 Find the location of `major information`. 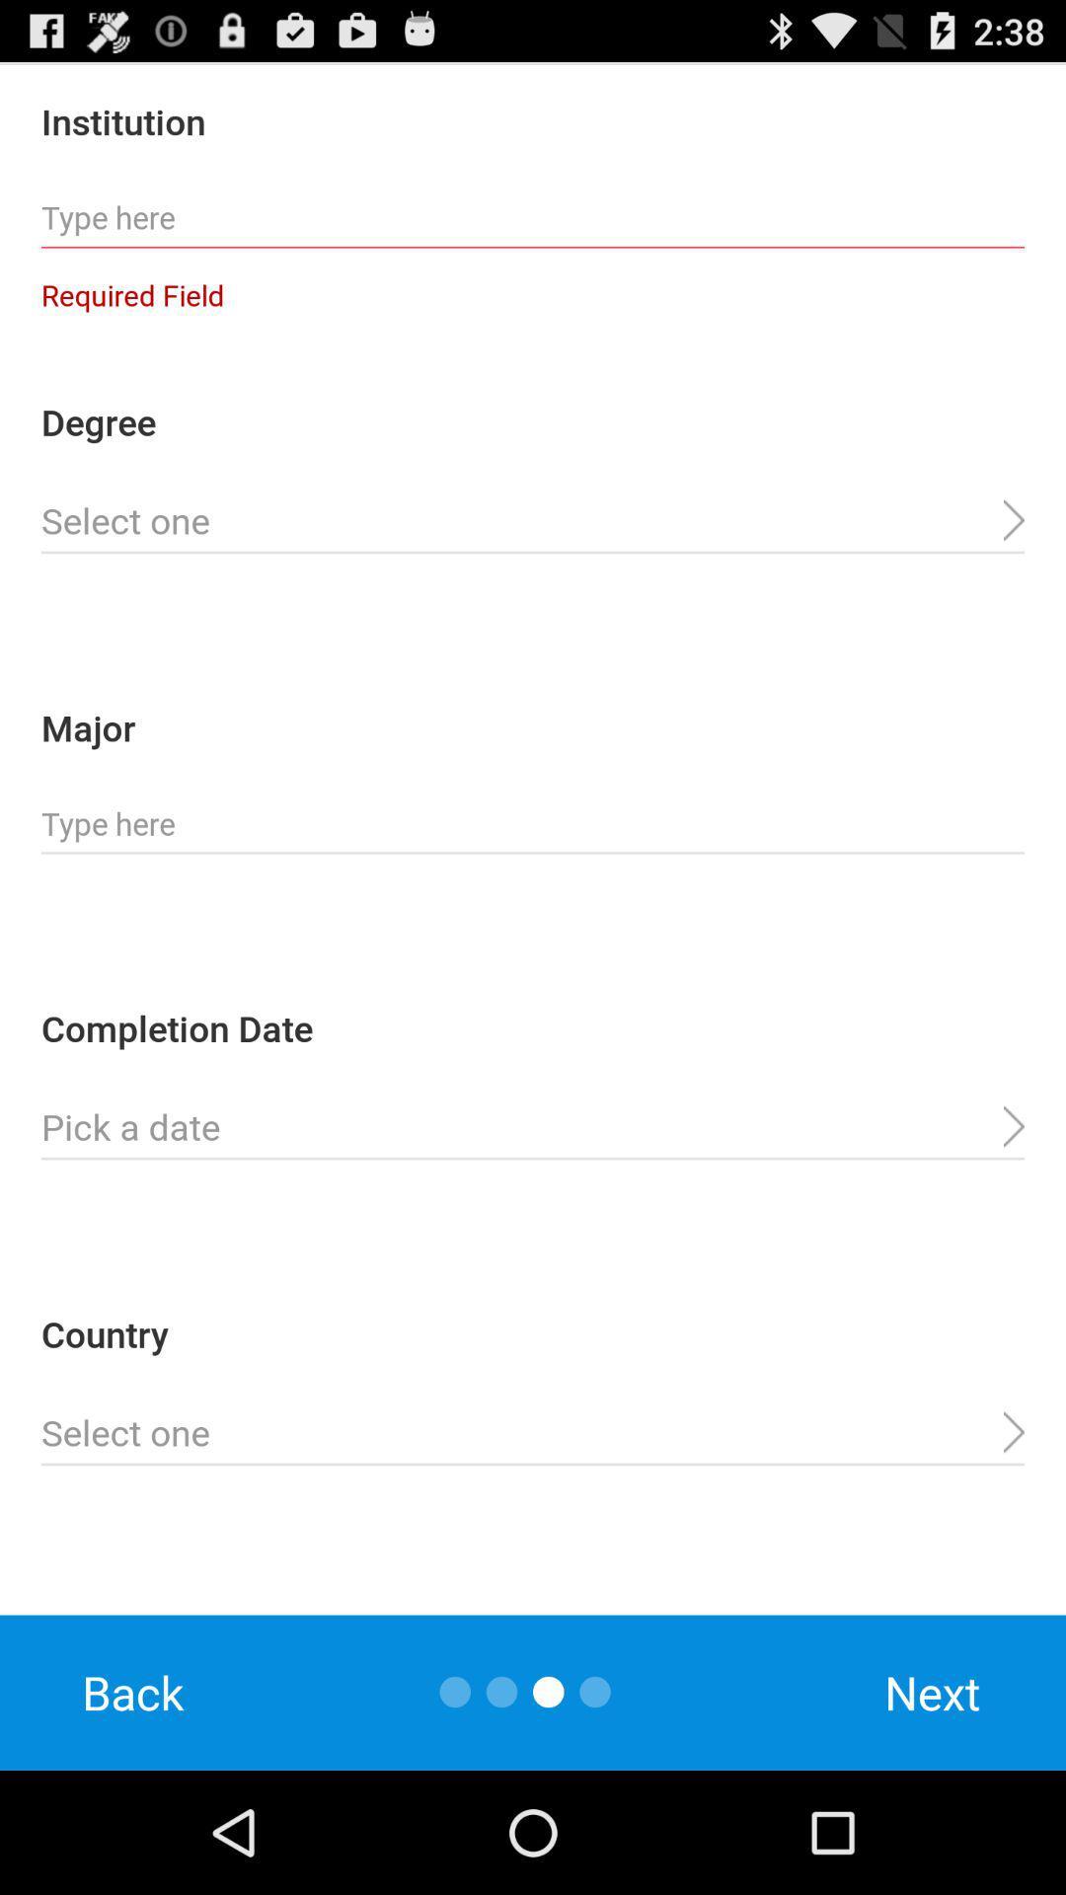

major information is located at coordinates (533, 824).